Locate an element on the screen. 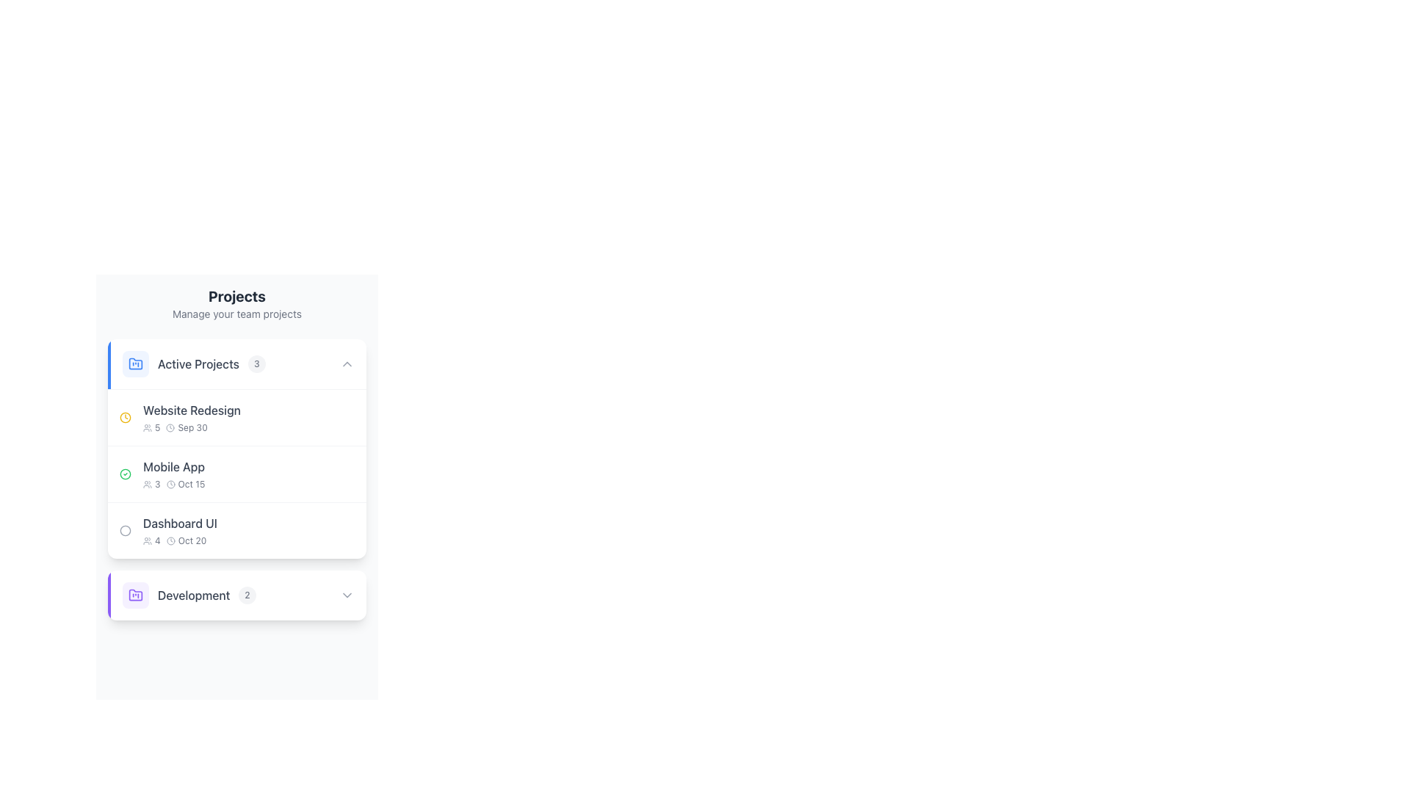  icon associated with the text label displaying the number '3', which is styled in light gray and positioned near the top left of the 'Mobile App' card is located at coordinates (151, 484).